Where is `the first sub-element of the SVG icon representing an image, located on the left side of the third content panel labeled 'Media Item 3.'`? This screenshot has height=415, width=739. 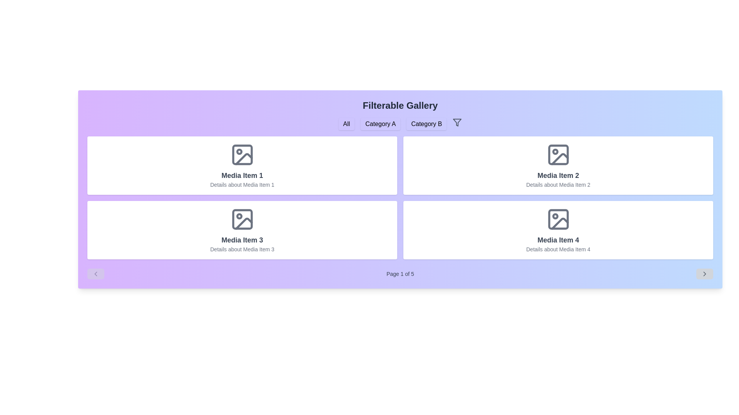
the first sub-element of the SVG icon representing an image, located on the left side of the third content panel labeled 'Media Item 3.' is located at coordinates (242, 219).